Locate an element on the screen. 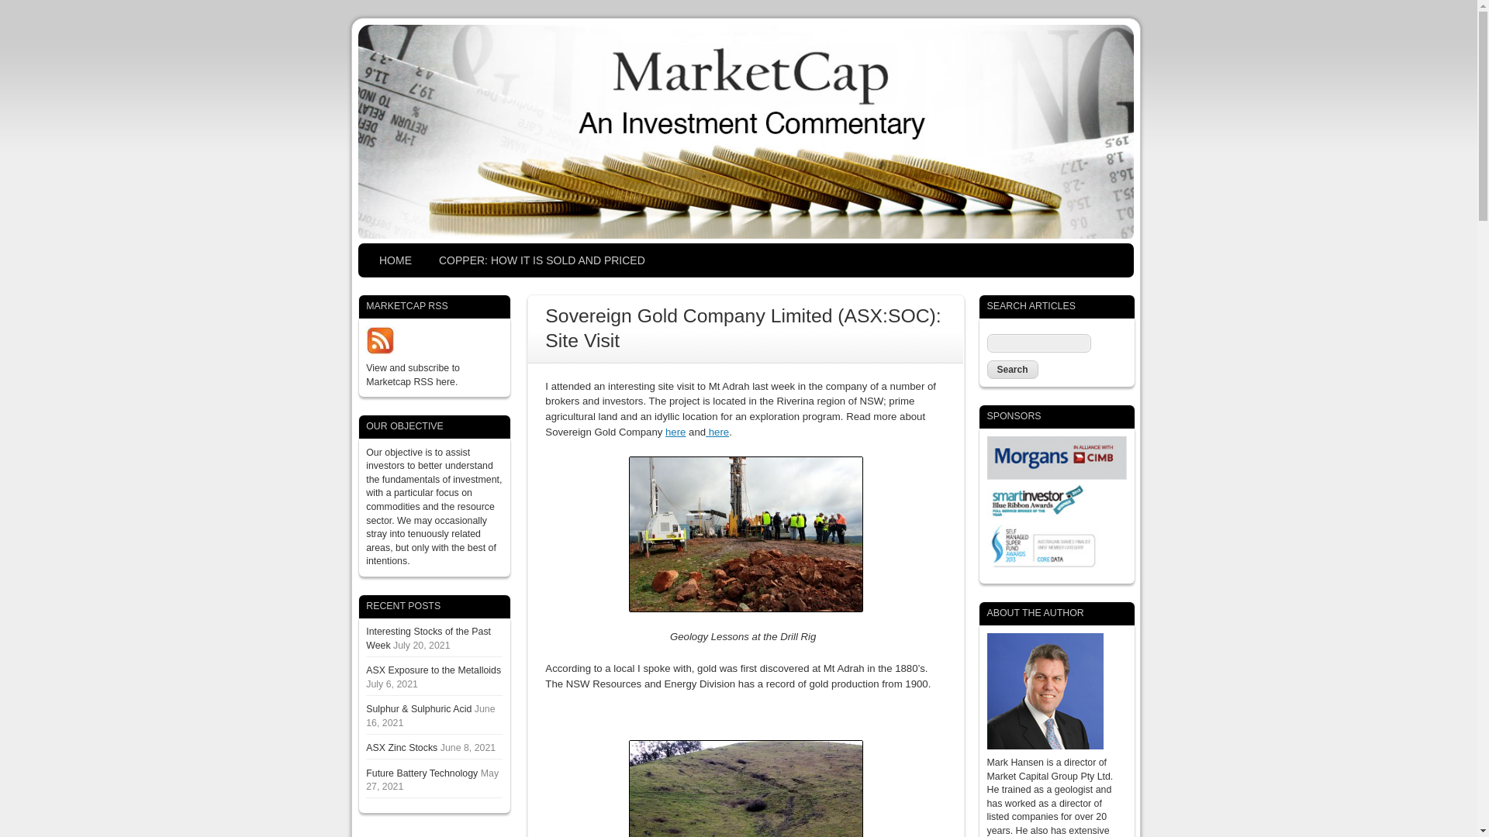 The height and width of the screenshot is (837, 1489). 'ASX Zinc Stocks' is located at coordinates (402, 746).